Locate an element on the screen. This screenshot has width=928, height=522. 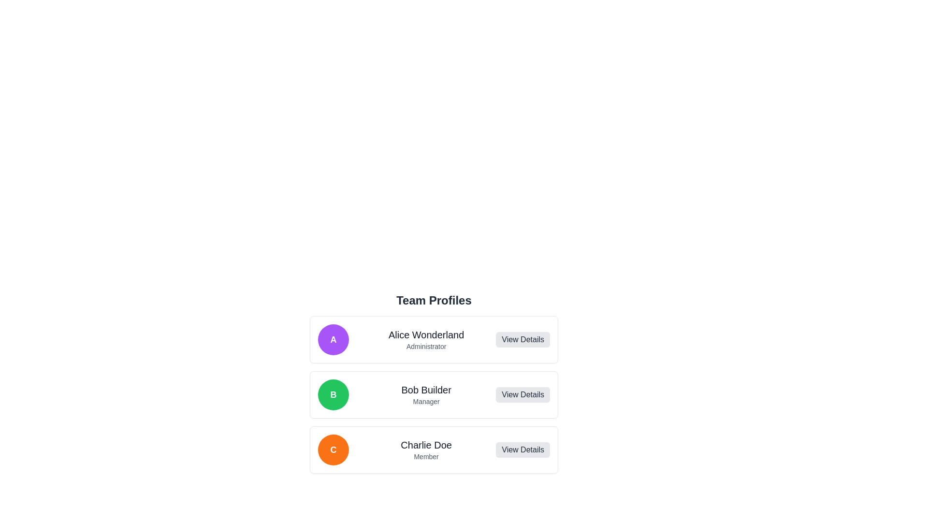
the Profile card for 'Bob Builder', which is the second card in the list, to interact with it is located at coordinates (433, 372).